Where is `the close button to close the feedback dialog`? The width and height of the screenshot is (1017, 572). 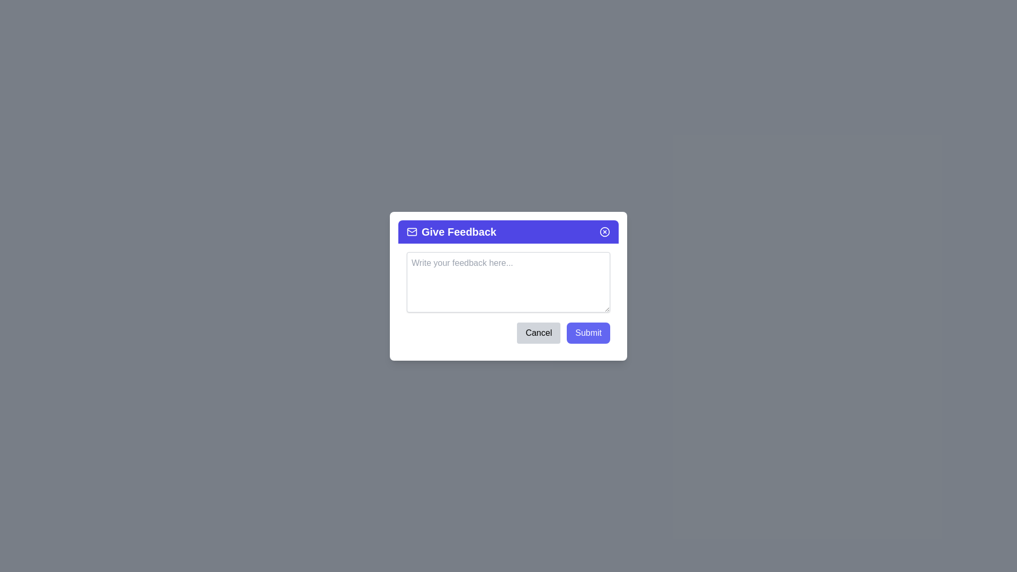
the close button to close the feedback dialog is located at coordinates (605, 231).